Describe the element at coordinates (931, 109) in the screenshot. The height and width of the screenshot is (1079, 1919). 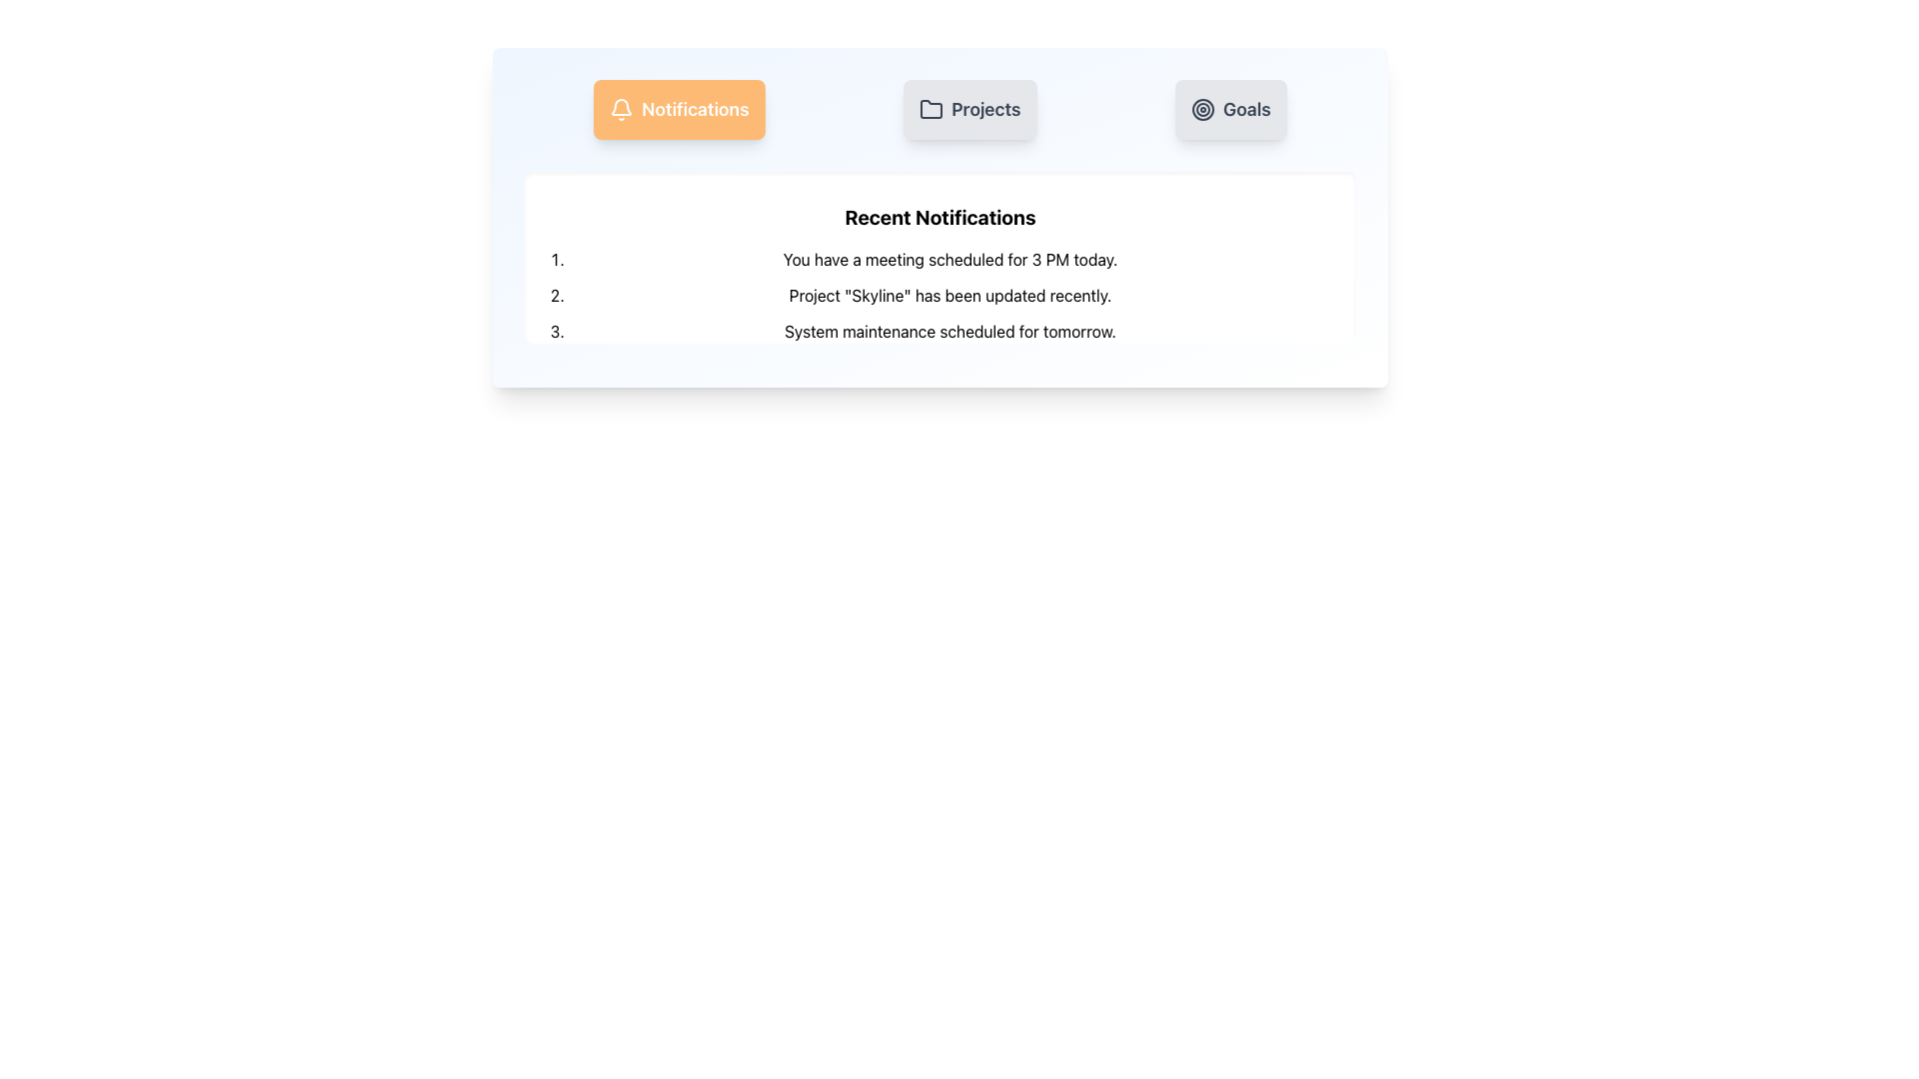
I see `the folder icon with a black stroke, located in the second segment labeled 'Projects', positioned between 'Notifications' and 'Goals' for informational purposes` at that location.